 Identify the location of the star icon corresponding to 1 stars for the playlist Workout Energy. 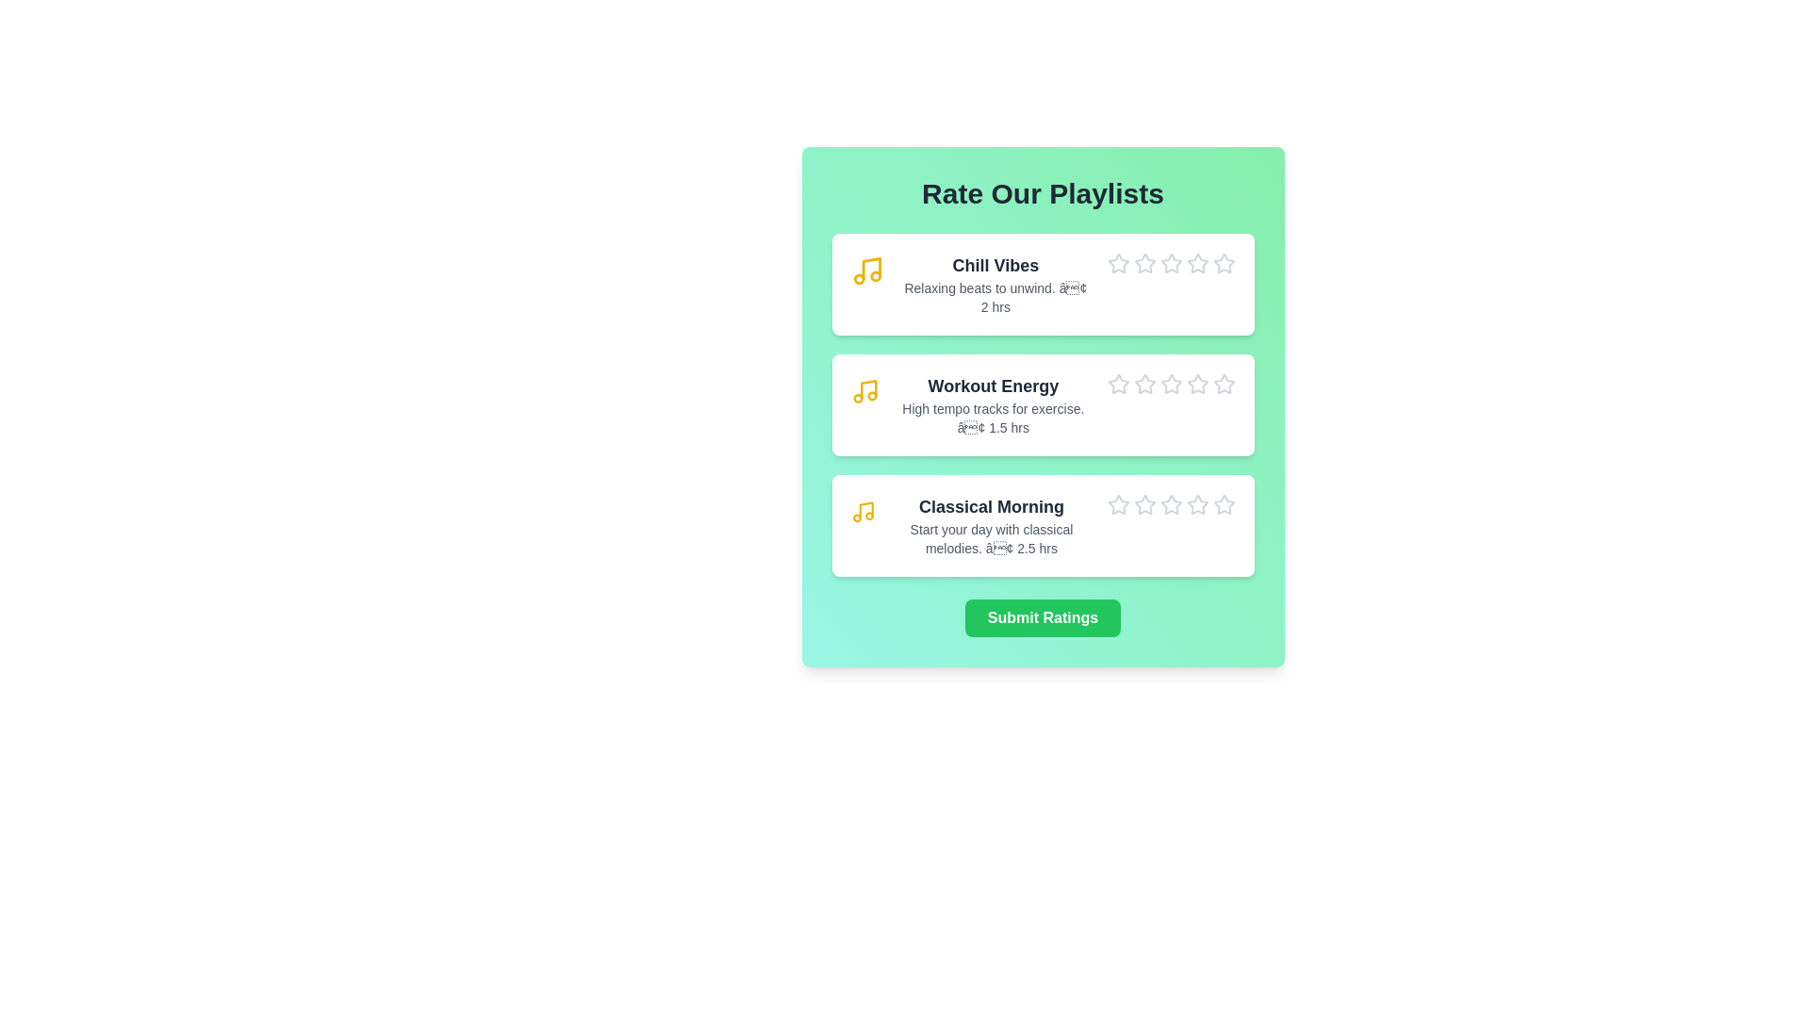
(1107, 373).